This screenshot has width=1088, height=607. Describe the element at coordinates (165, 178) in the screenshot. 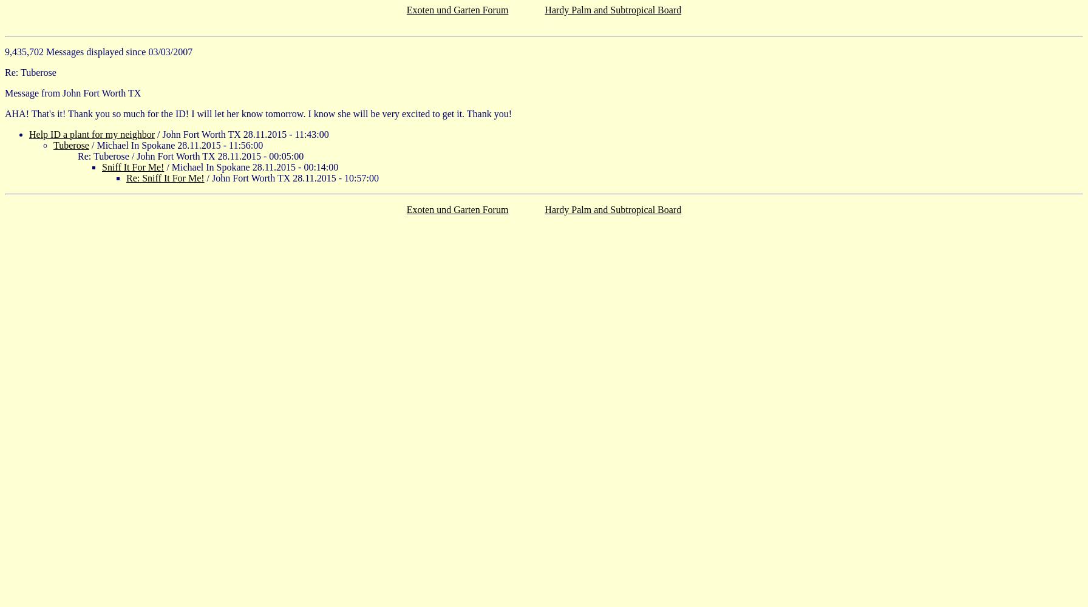

I see `'Re: Sniff It For Me!'` at that location.